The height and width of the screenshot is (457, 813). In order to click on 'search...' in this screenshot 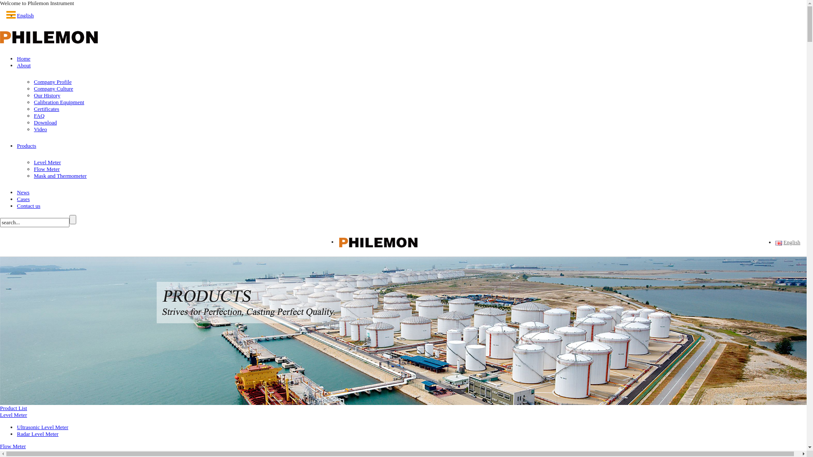, I will do `click(0, 222)`.